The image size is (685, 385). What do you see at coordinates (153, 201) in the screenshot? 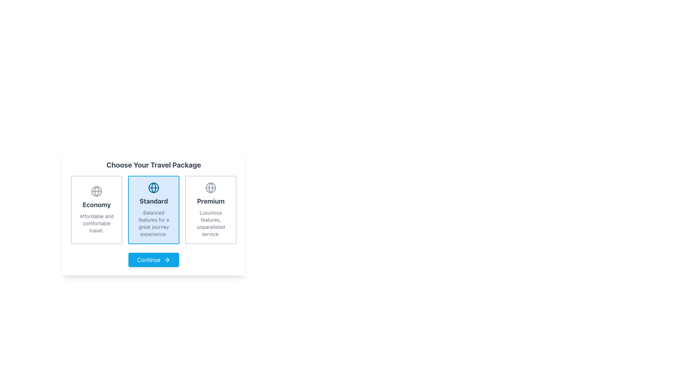
I see `label of the title text representing the 'Standard' package in the middle card of the selection interface` at bounding box center [153, 201].